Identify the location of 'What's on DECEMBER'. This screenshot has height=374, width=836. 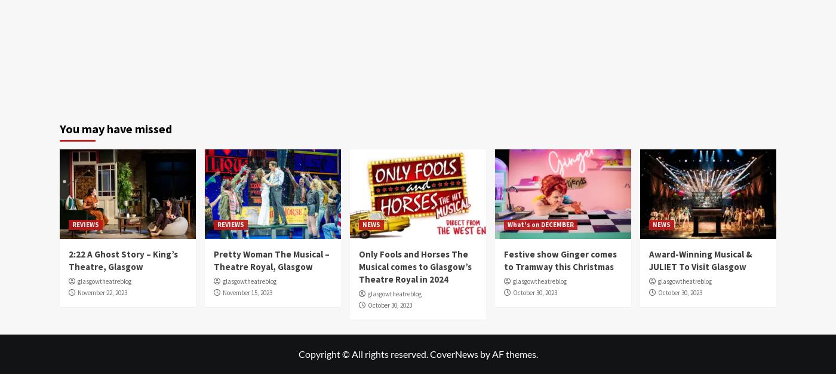
(507, 224).